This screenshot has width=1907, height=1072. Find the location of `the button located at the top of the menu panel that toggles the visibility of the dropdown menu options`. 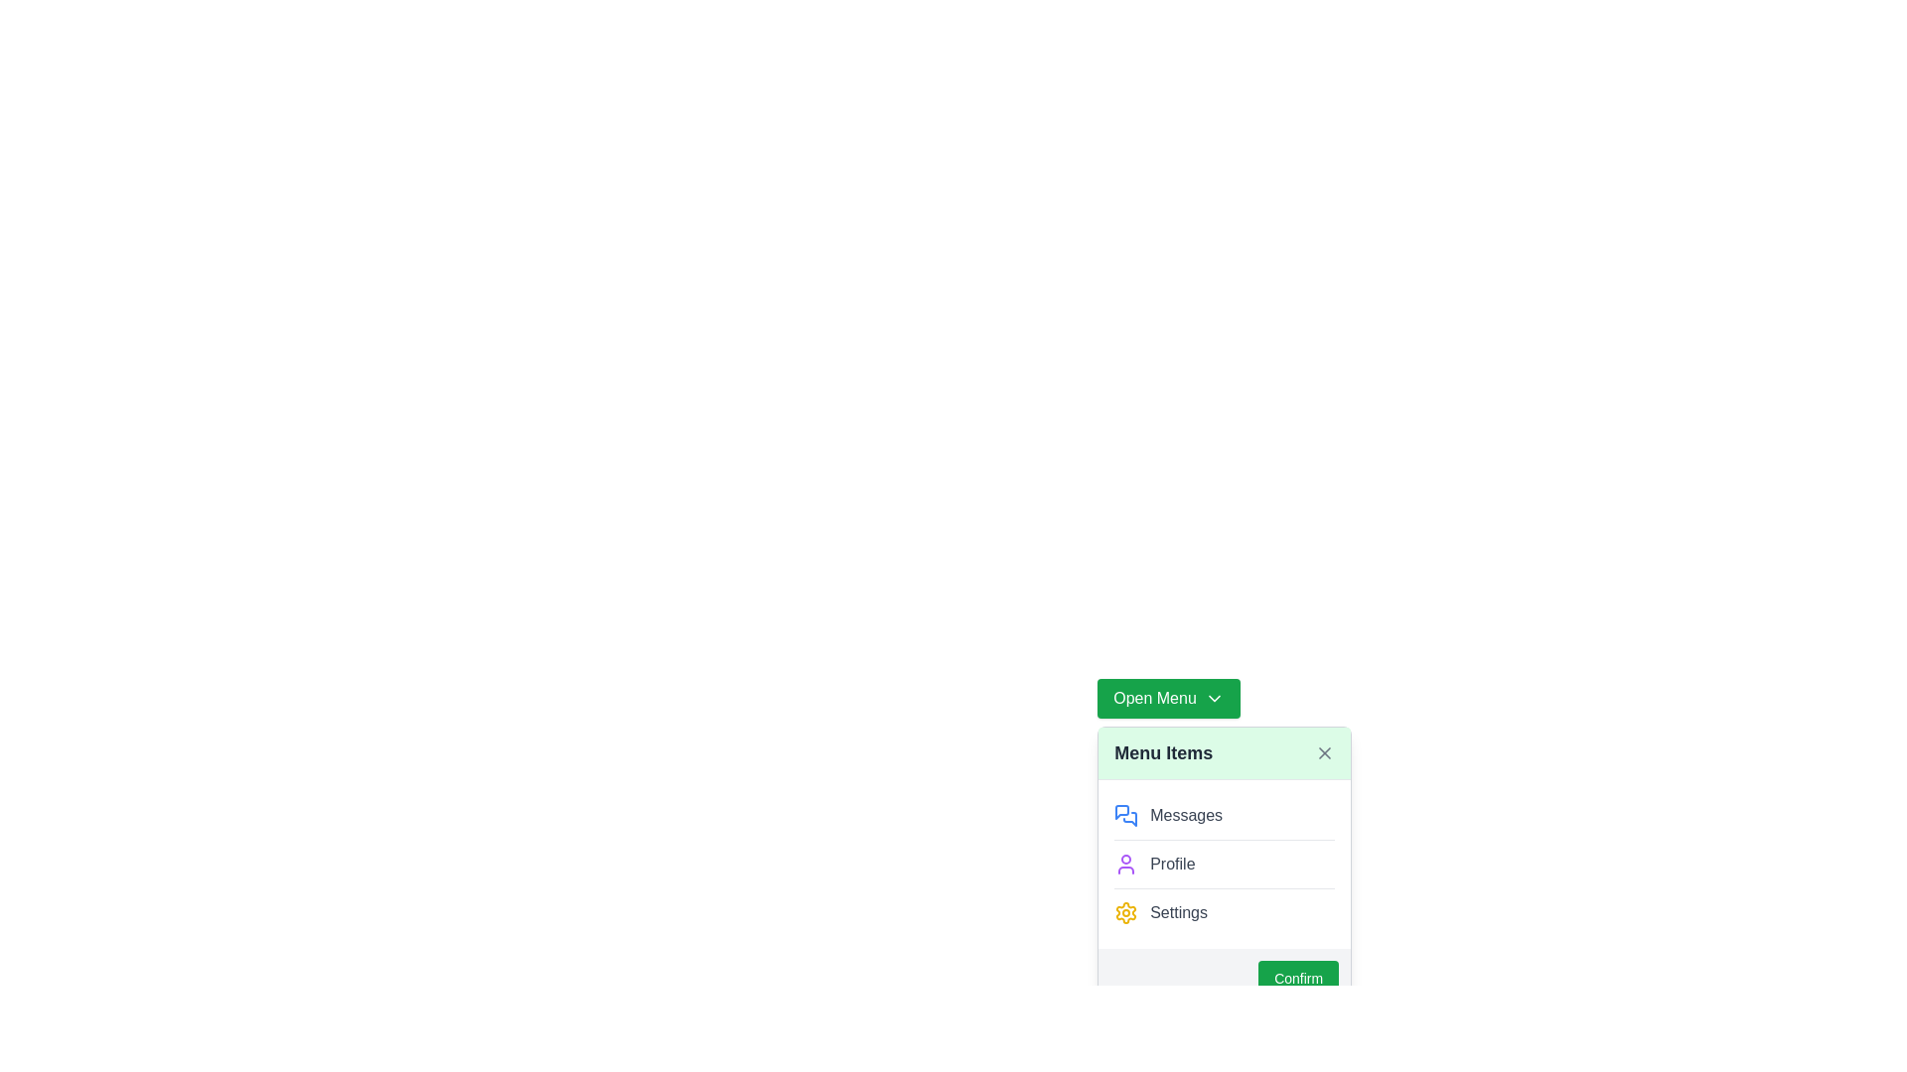

the button located at the top of the menu panel that toggles the visibility of the dropdown menu options is located at coordinates (1168, 698).